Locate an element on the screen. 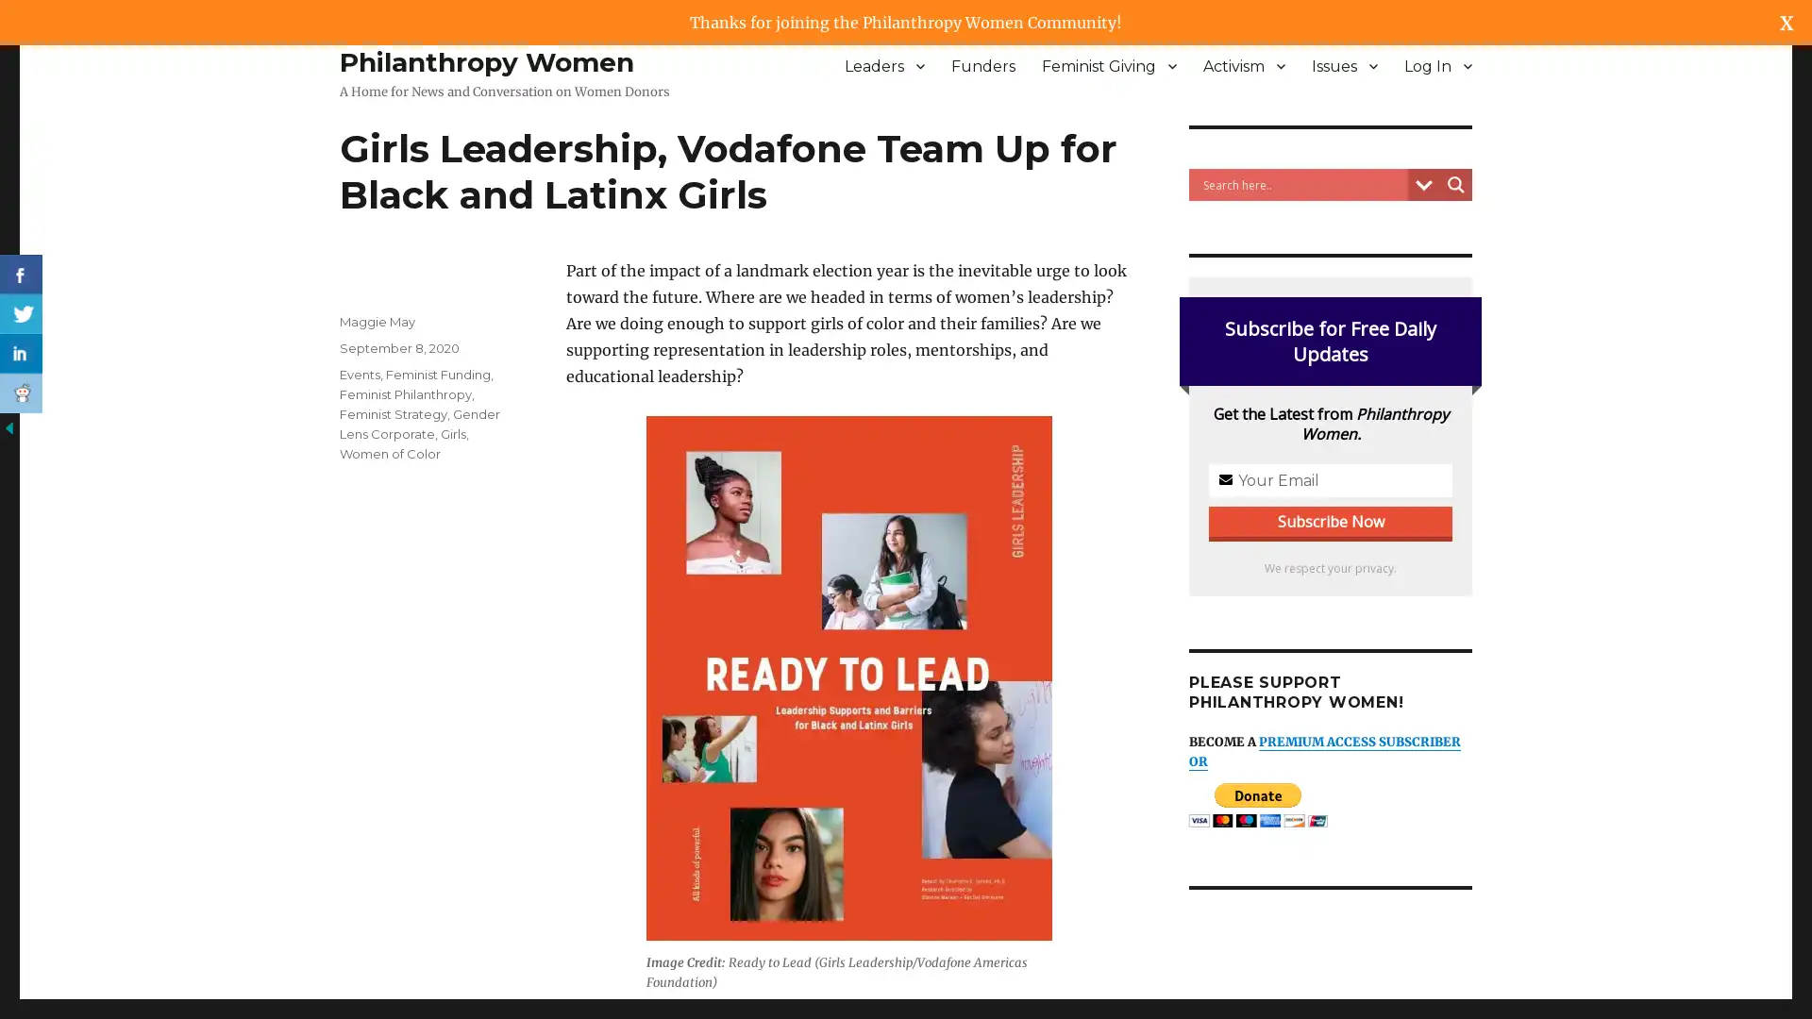 This screenshot has height=1019, width=1812. Close is located at coordinates (1138, 376).